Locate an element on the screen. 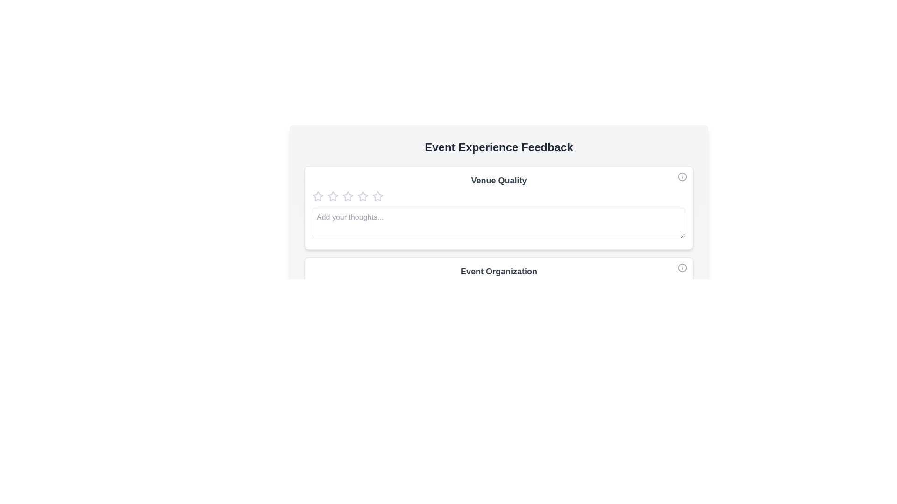 This screenshot has height=504, width=897. the 'Venue Quality' text label, which is styled in bold light gray font and located at the top of the feedback section within a white bordered card is located at coordinates (498, 180).